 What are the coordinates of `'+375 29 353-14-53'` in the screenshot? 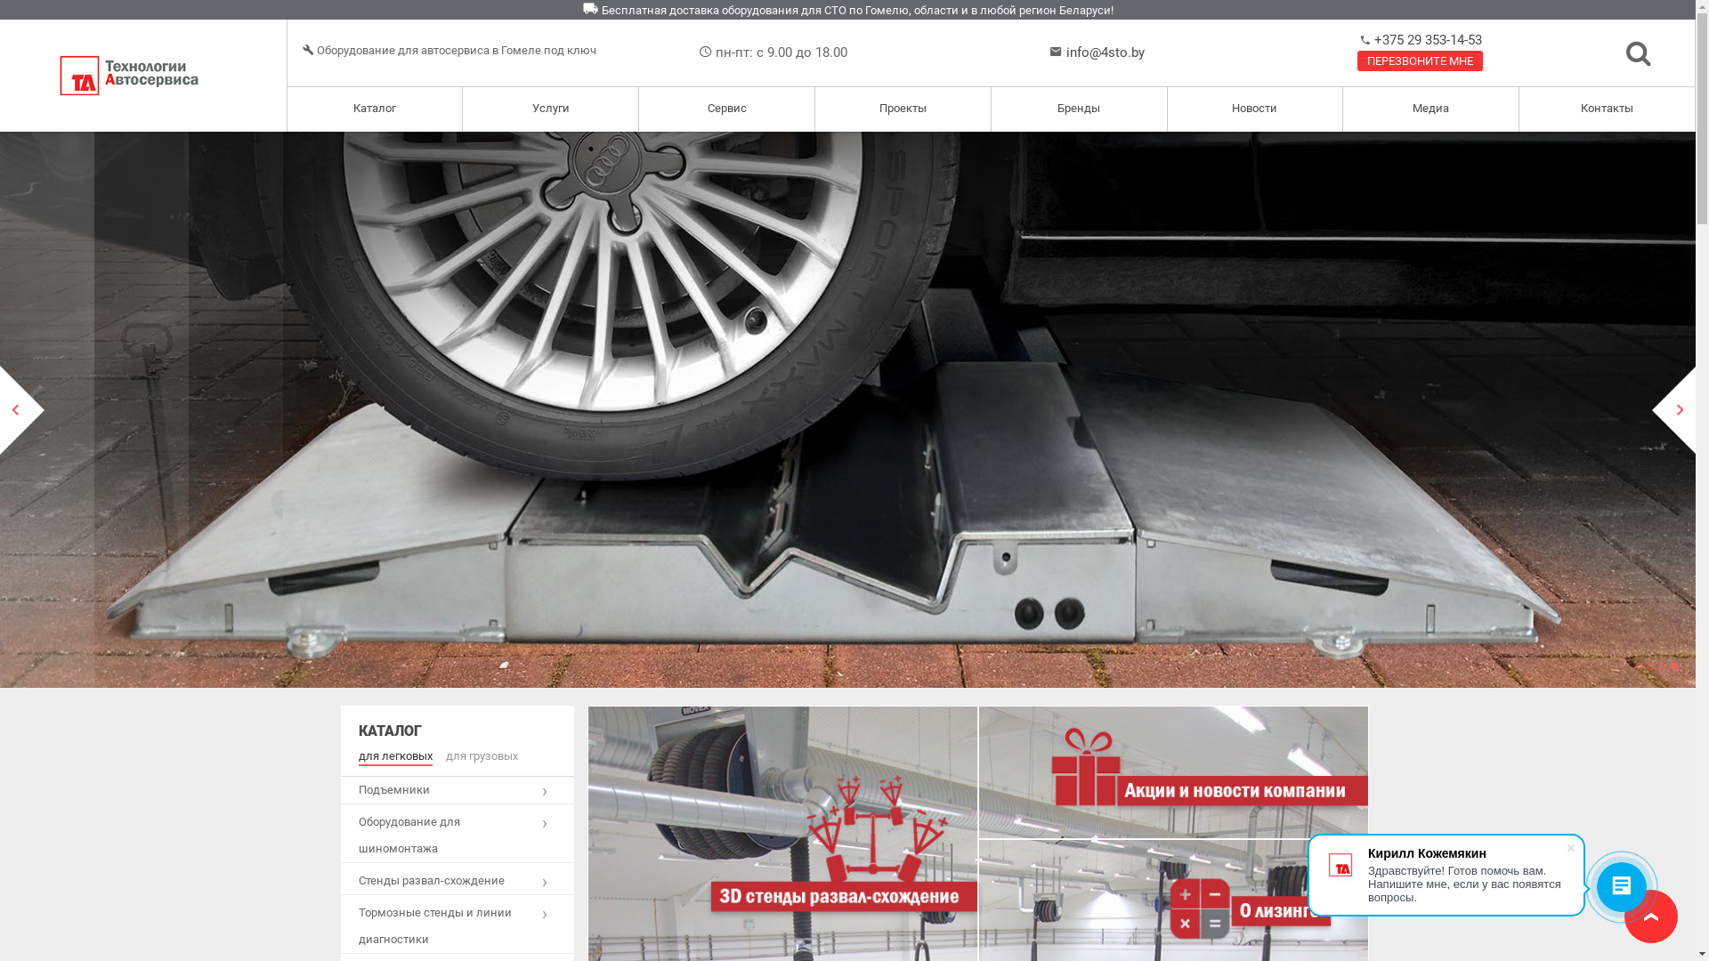 It's located at (1426, 40).